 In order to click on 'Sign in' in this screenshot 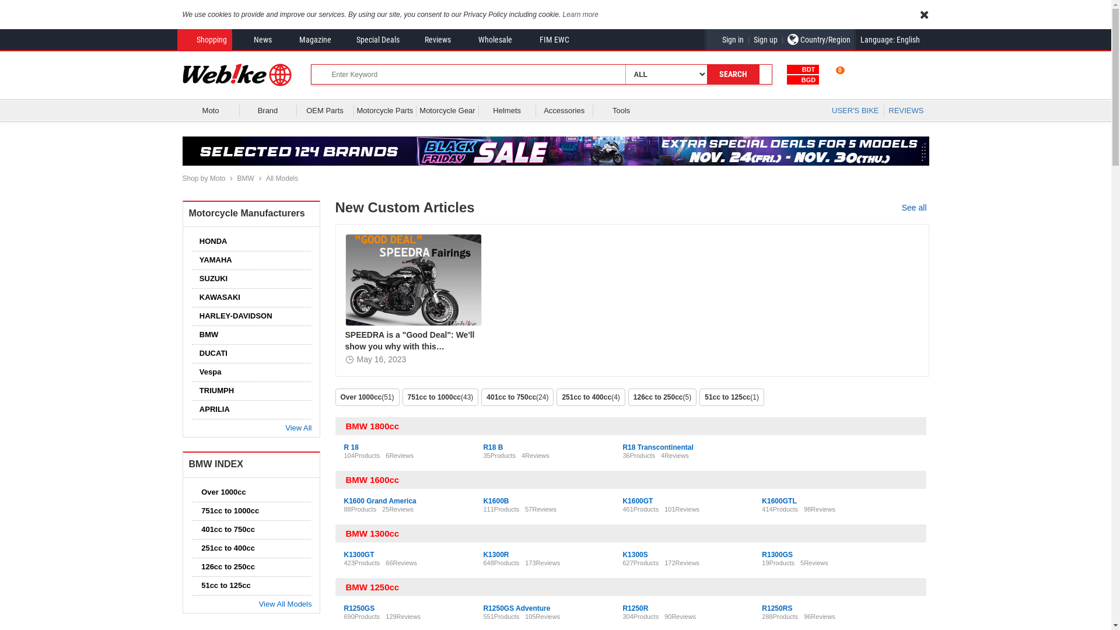, I will do `click(726, 39)`.